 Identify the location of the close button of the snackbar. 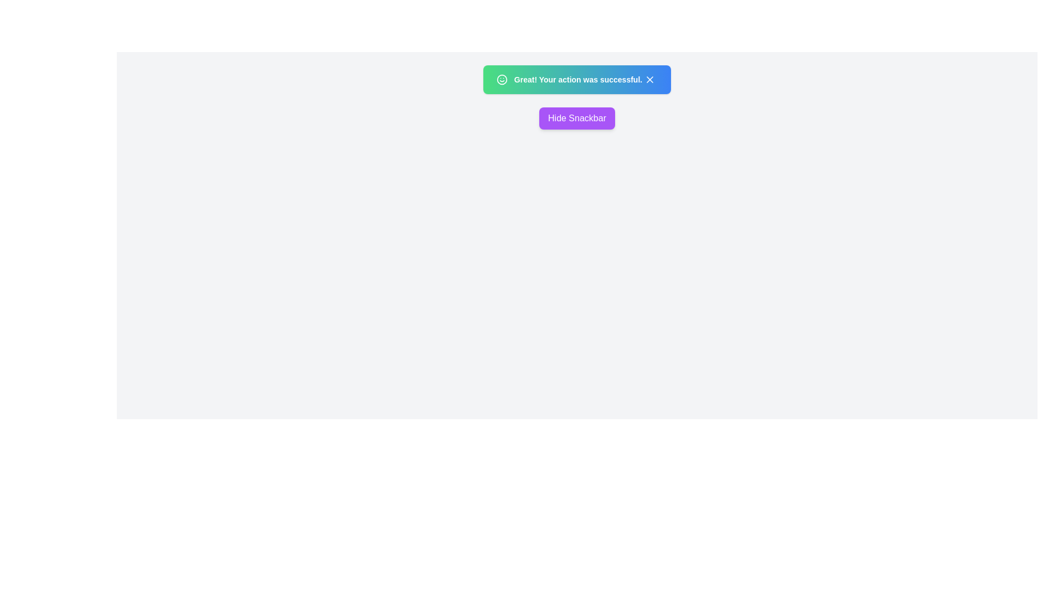
(650, 79).